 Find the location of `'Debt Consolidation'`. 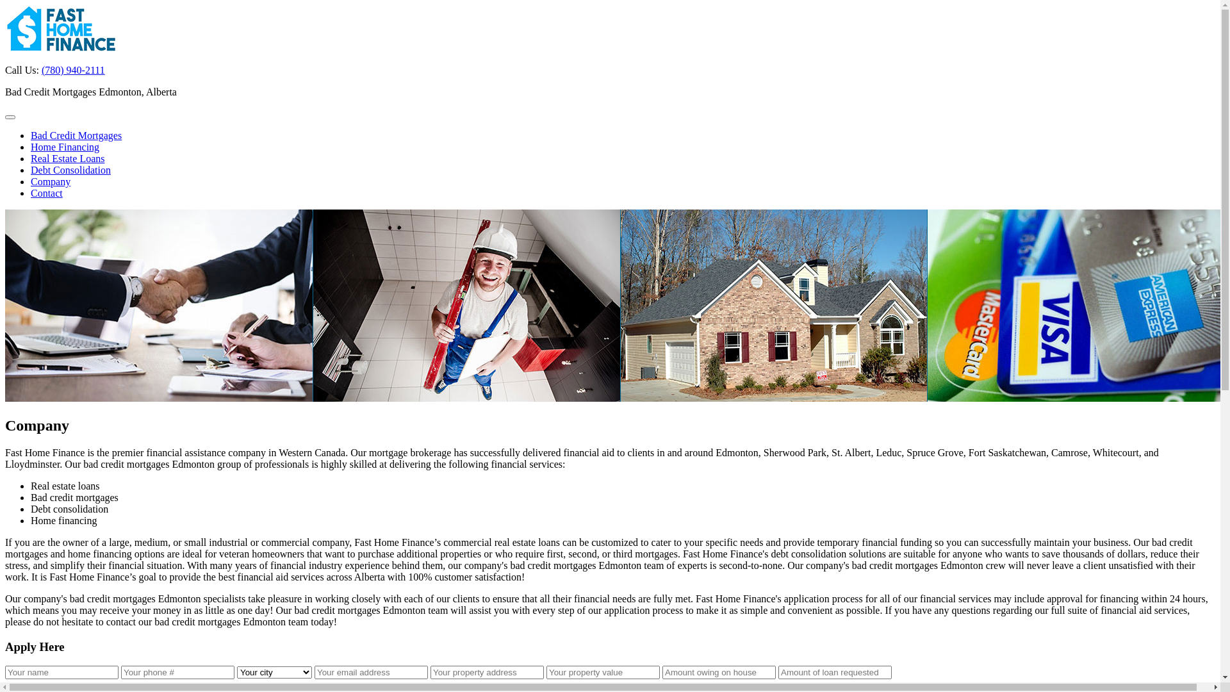

'Debt Consolidation' is located at coordinates (70, 169).